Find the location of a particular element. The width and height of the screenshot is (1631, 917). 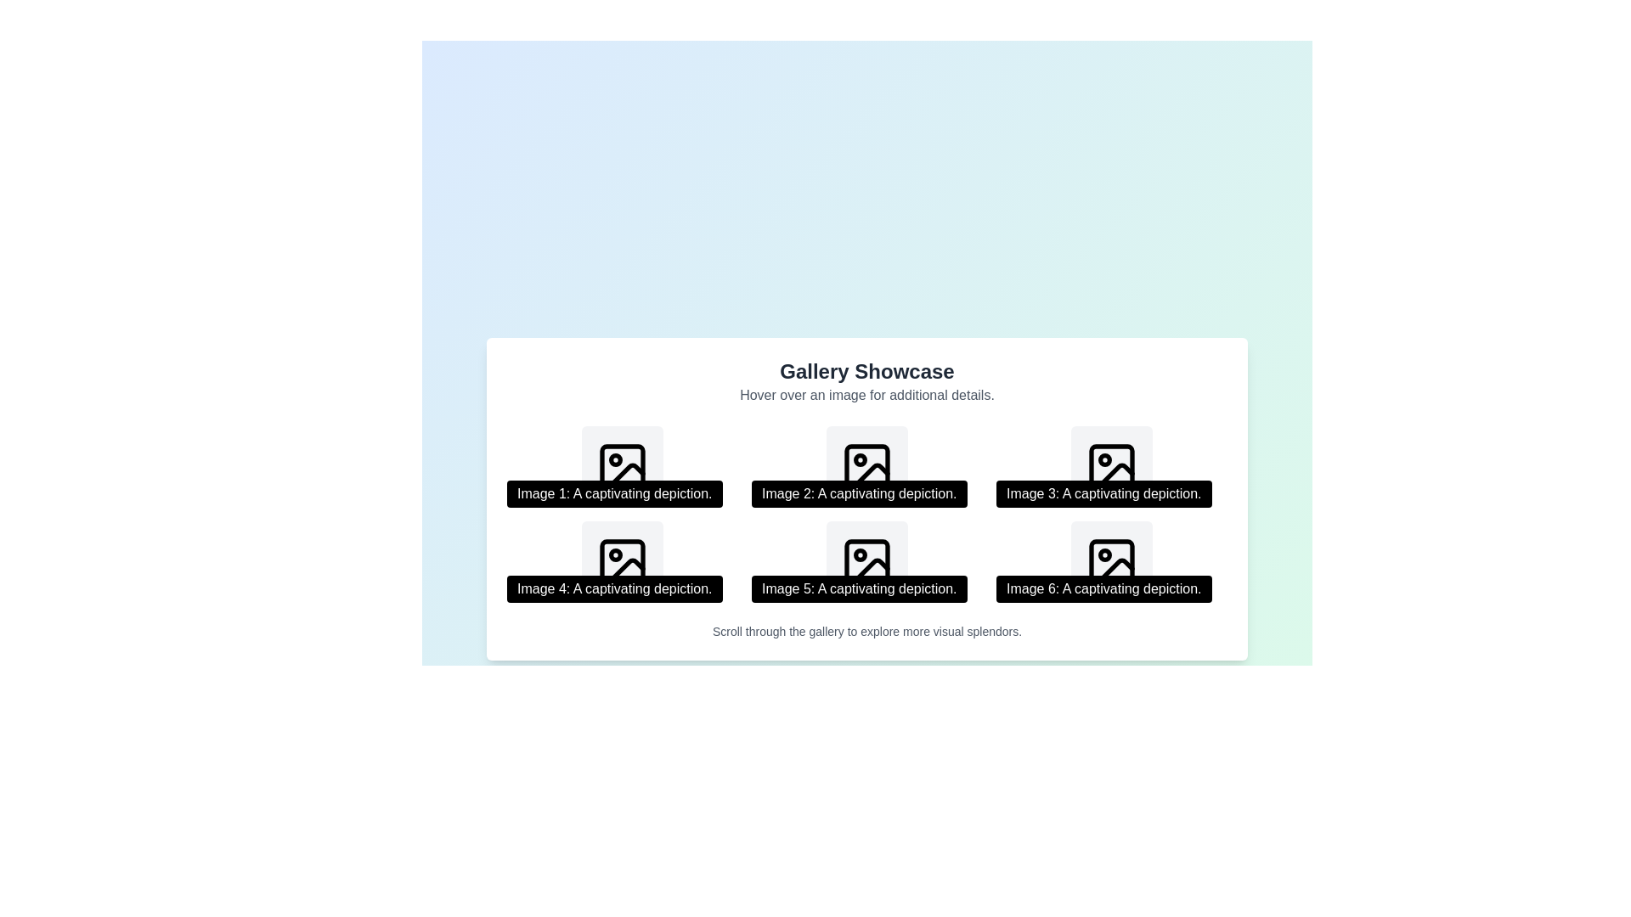

the decorative component located in the upper row, third column of the image icon gallery, which serves as a focal point within the icon is located at coordinates (1104, 460).